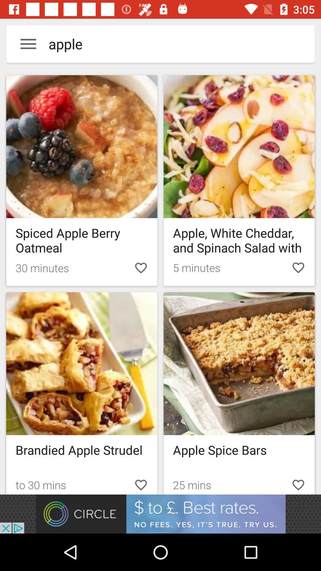 The width and height of the screenshot is (321, 571). Describe the element at coordinates (239, 363) in the screenshot. I see `fourth image` at that location.